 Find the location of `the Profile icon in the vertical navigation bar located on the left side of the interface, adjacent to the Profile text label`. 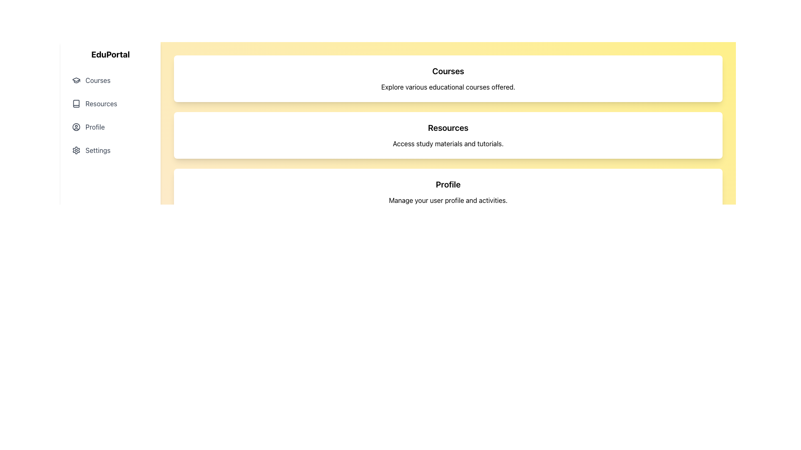

the Profile icon in the vertical navigation bar located on the left side of the interface, adjacent to the Profile text label is located at coordinates (76, 127).